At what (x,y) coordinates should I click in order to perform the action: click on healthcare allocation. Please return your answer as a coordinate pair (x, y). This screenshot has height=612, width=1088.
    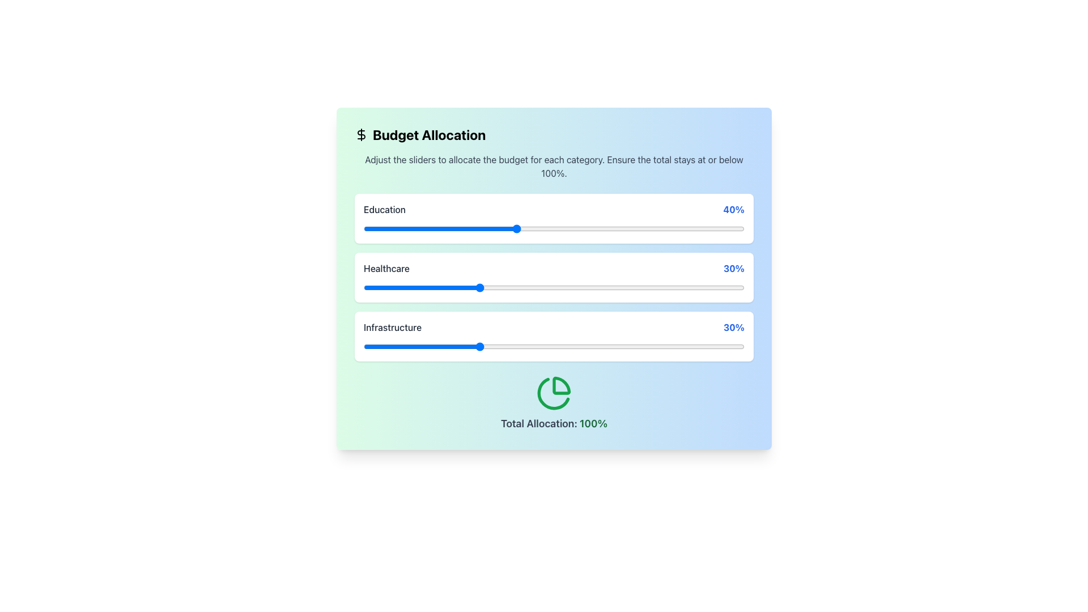
    Looking at the image, I should click on (443, 287).